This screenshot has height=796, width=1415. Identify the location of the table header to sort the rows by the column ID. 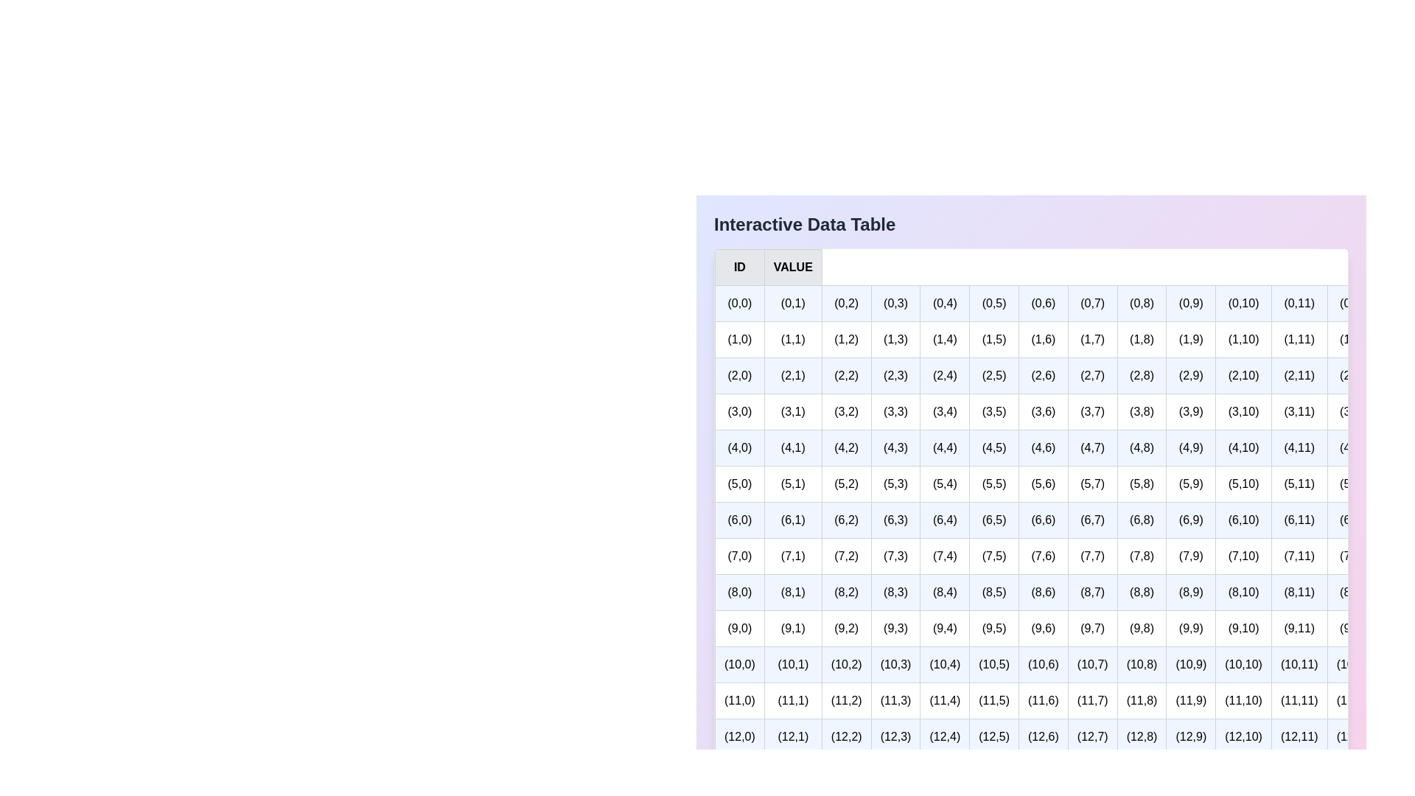
(715, 267).